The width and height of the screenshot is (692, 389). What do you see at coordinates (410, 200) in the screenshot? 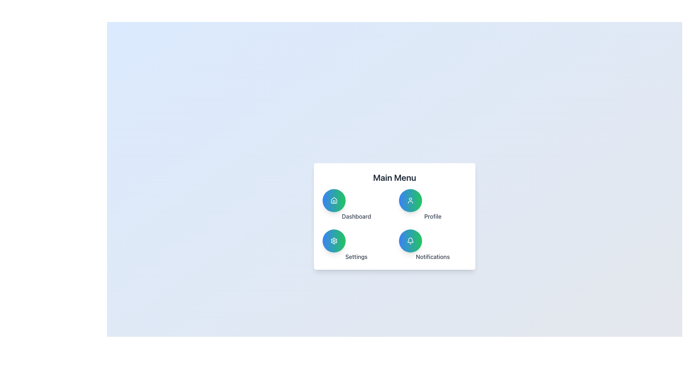
I see `the 'Profile' button in the main menu interface` at bounding box center [410, 200].